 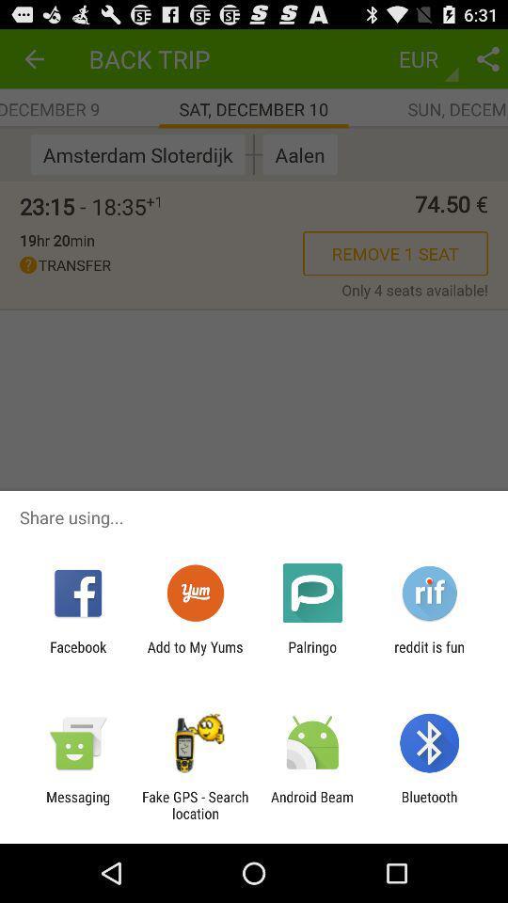 I want to click on the app to the right of facebook app, so click(x=194, y=655).